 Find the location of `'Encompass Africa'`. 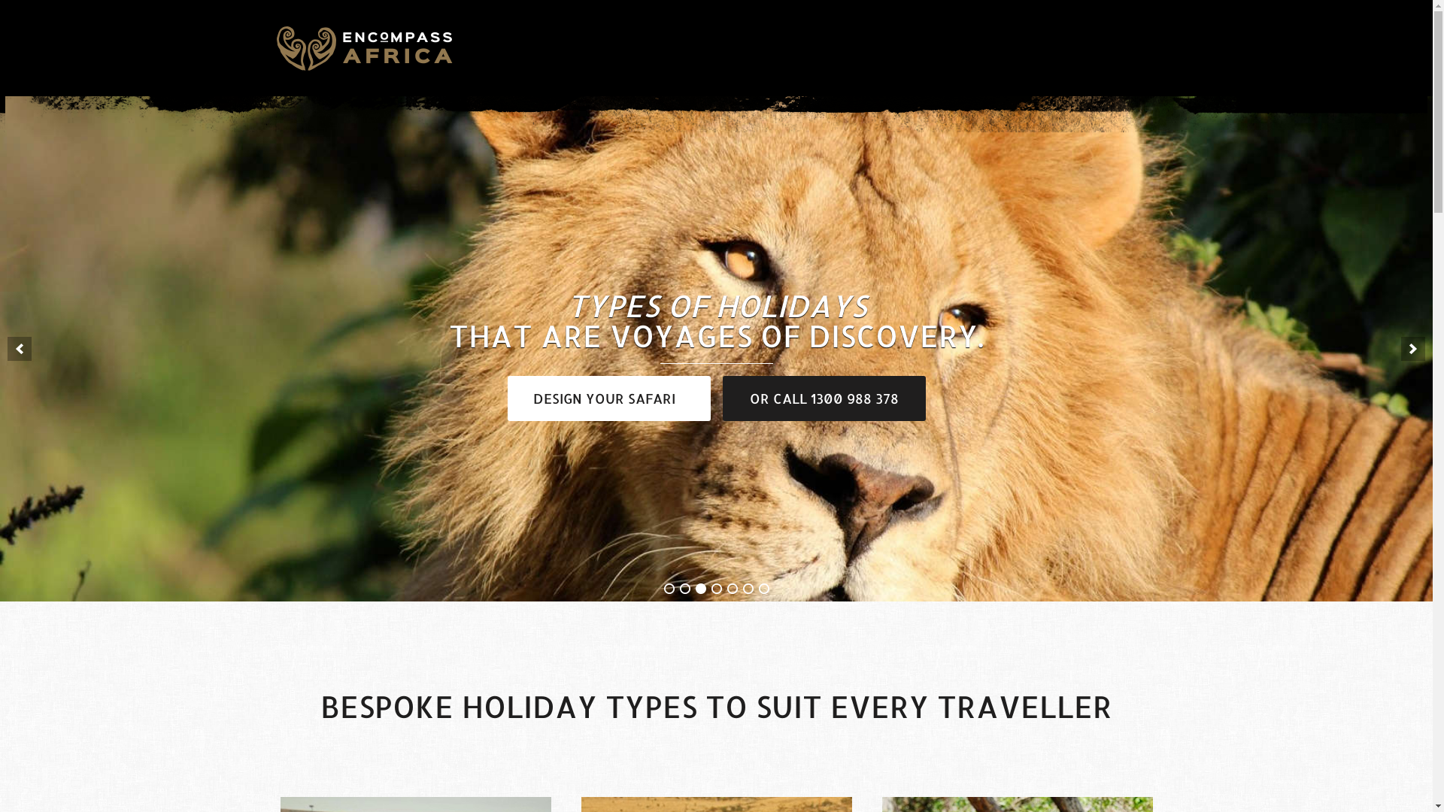

'Encompass Africa' is located at coordinates (277, 47).